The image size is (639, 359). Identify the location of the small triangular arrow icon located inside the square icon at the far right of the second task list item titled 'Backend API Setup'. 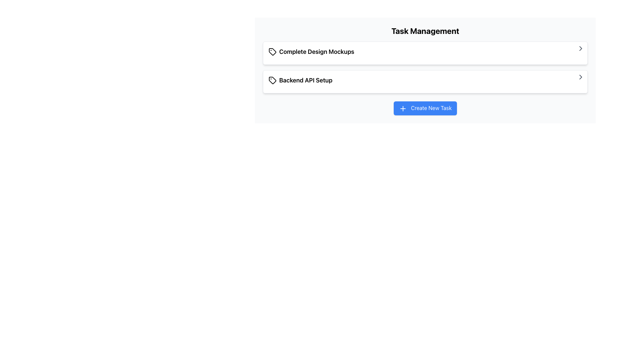
(580, 76).